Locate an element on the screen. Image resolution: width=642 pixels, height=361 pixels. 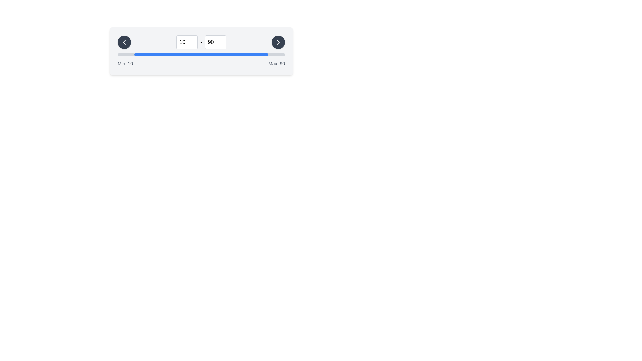
the circular button with a dark gray background and a white leftward chevron arrow icon is located at coordinates (124, 42).